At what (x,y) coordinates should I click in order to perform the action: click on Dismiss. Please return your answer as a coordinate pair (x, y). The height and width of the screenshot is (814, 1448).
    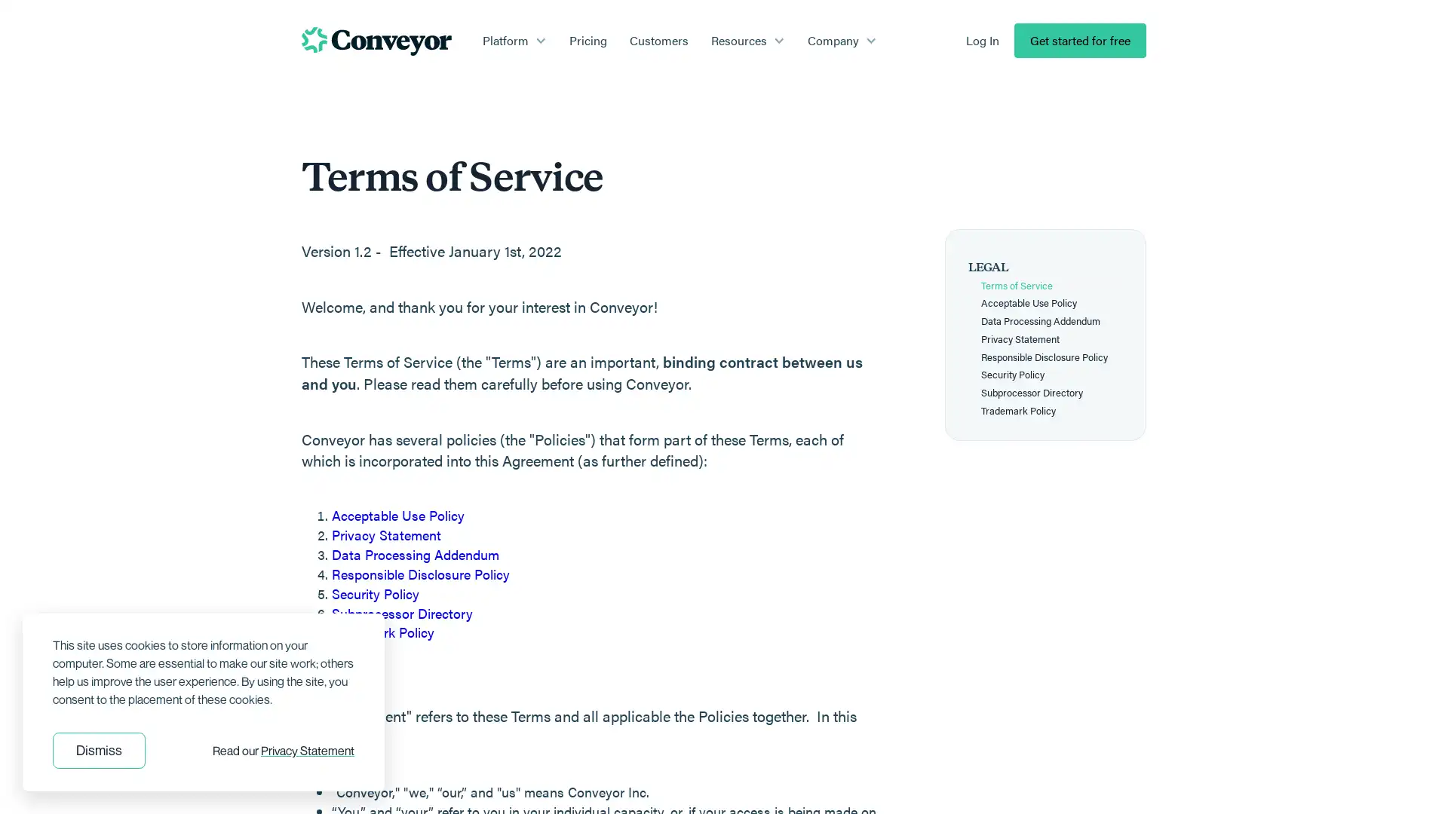
    Looking at the image, I should click on (98, 750).